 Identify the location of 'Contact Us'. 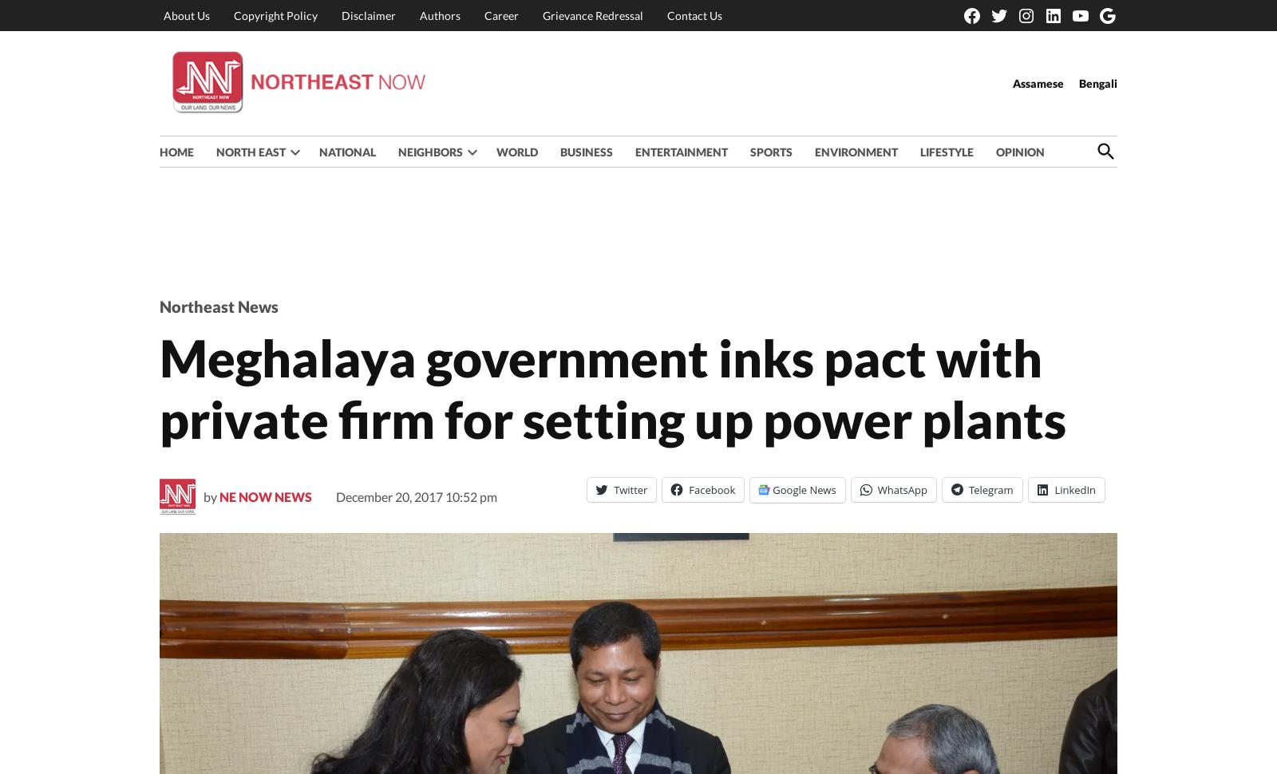
(694, 14).